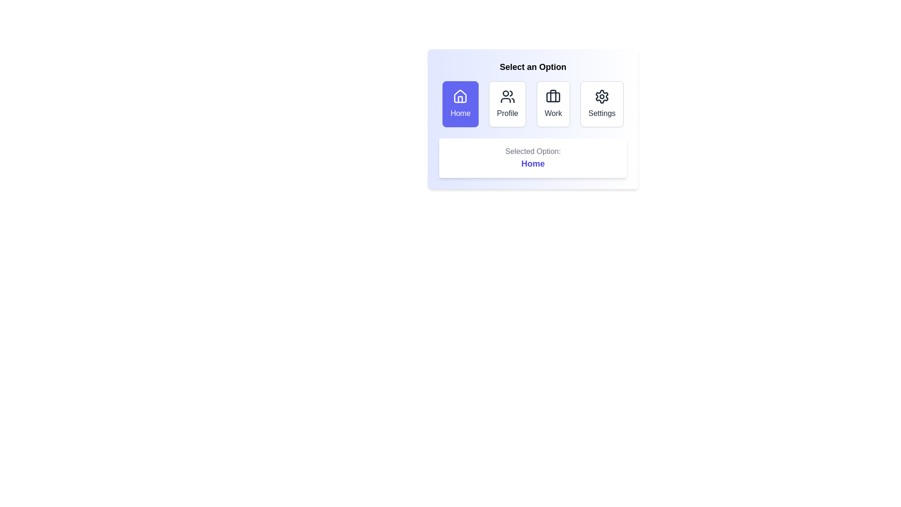 This screenshot has width=901, height=507. Describe the element at coordinates (553, 104) in the screenshot. I see `the Work button to select it` at that location.